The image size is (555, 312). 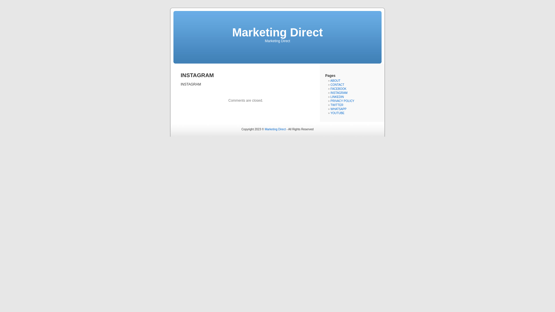 I want to click on 'TWITTER', so click(x=337, y=105).